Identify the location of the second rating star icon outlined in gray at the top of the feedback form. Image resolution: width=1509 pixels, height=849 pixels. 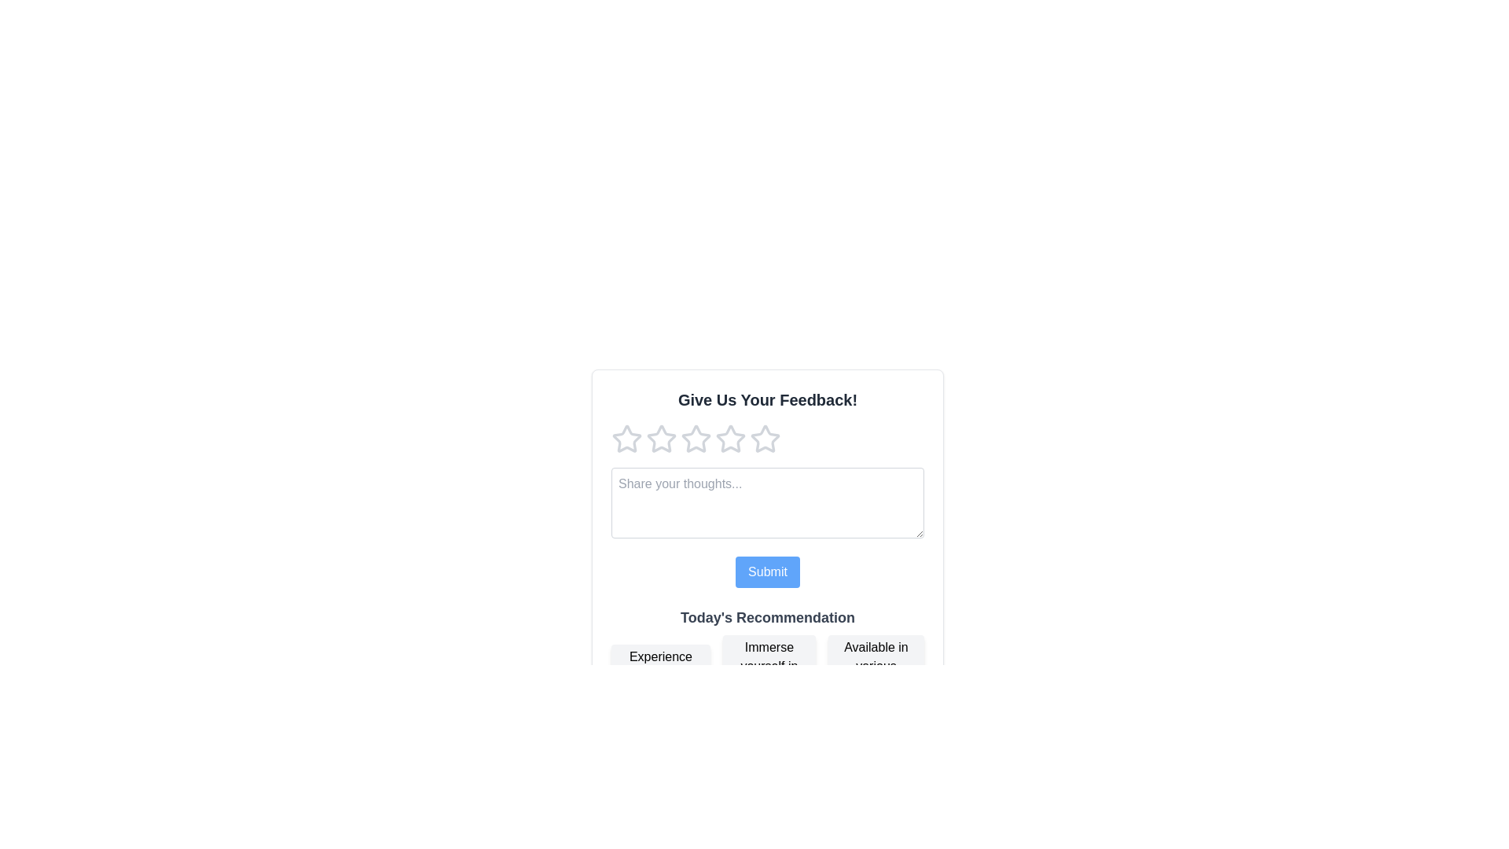
(696, 439).